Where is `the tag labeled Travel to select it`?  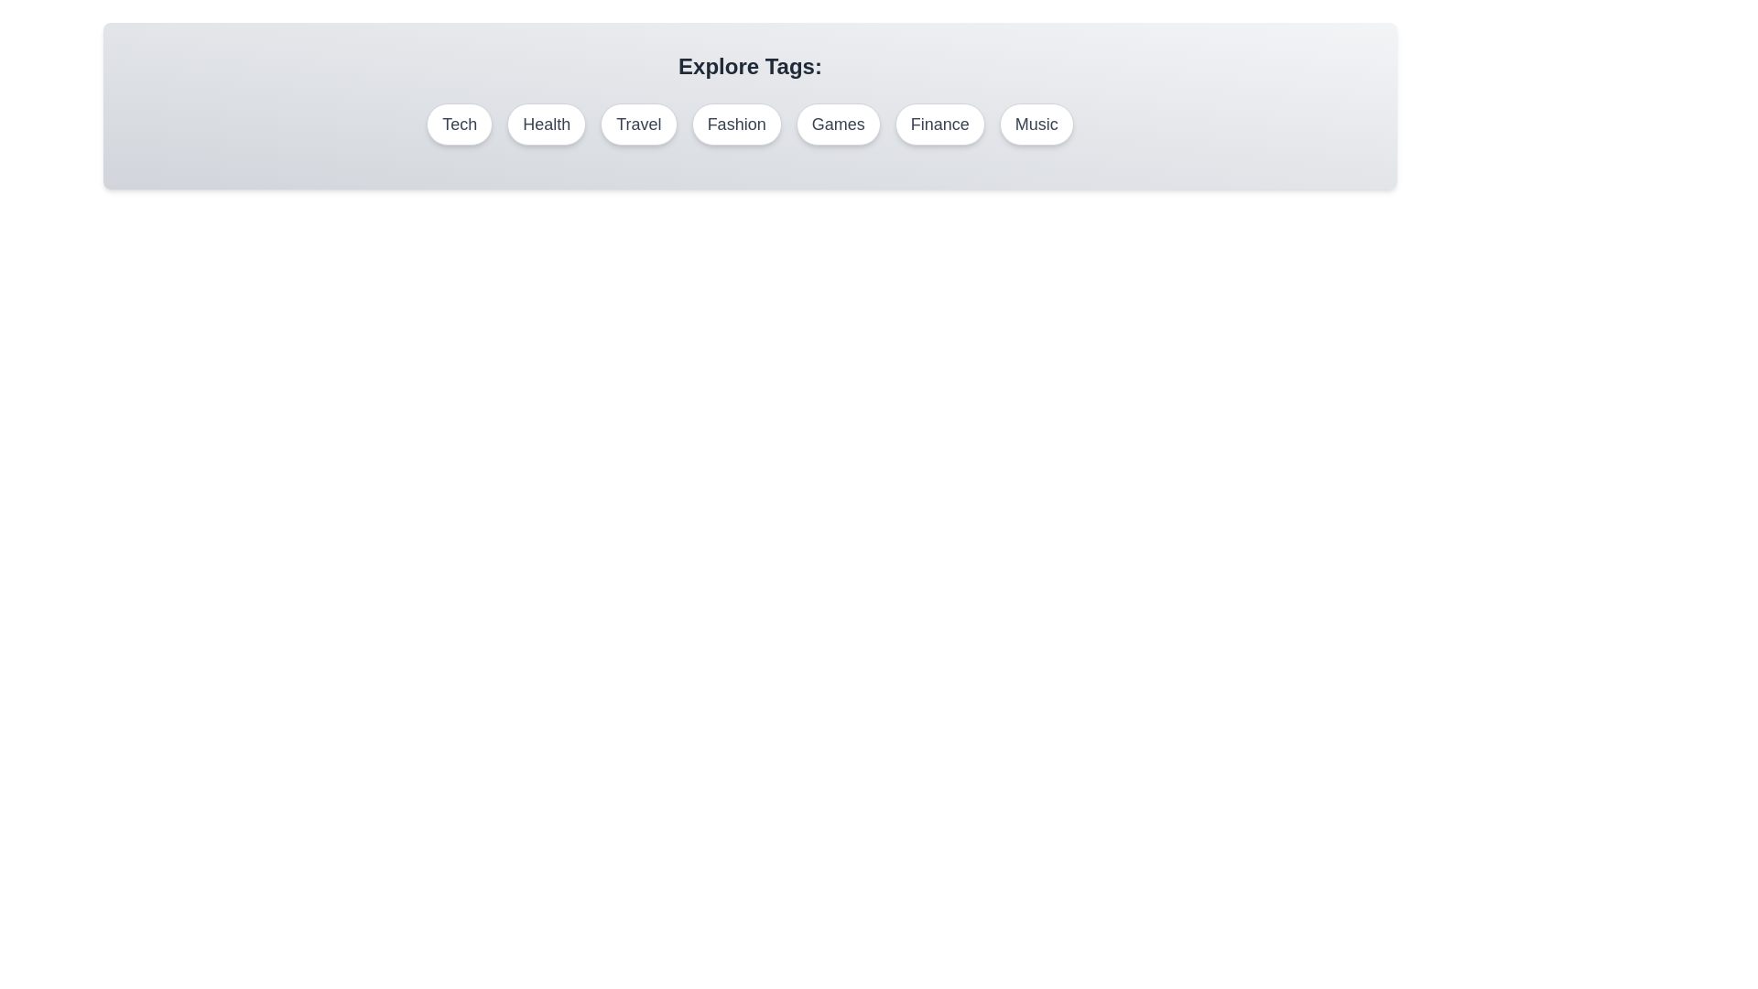 the tag labeled Travel to select it is located at coordinates (638, 124).